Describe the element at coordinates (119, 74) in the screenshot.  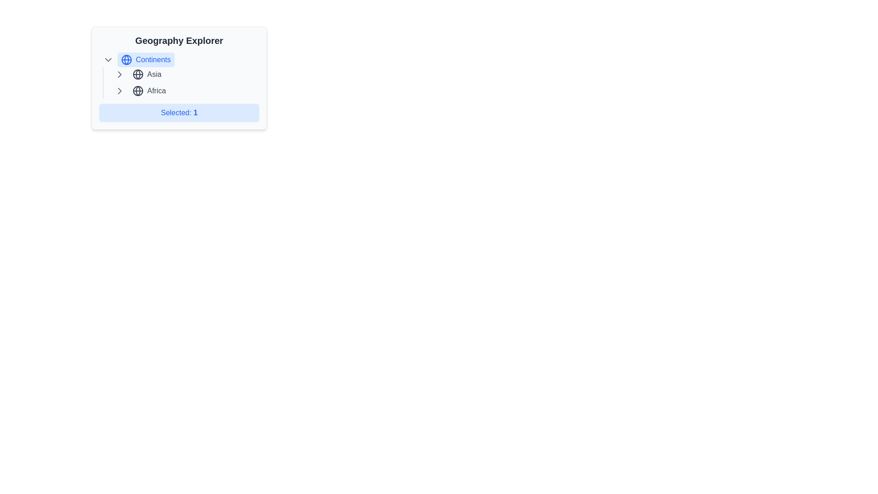
I see `the chevron icon that serves as a toggle indicator for the collapsible section related to 'Asia' in the 'Geography Explorer'` at that location.